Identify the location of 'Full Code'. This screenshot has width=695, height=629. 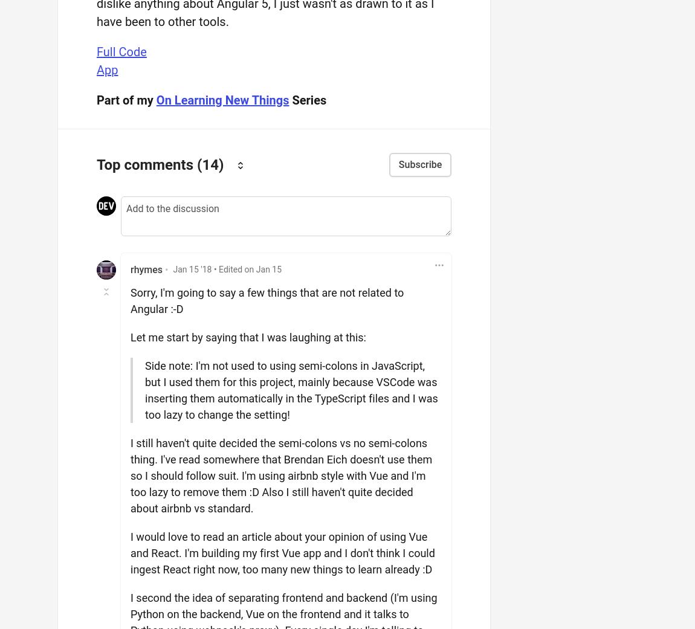
(121, 51).